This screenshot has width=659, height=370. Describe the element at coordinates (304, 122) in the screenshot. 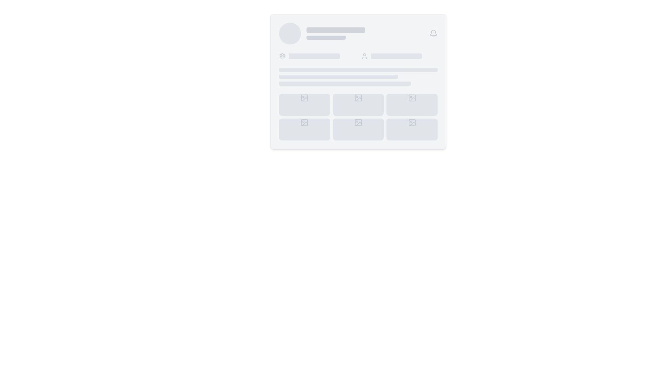

I see `the Icon placeholder located in the second spot of the bottom row in a grid layout` at that location.